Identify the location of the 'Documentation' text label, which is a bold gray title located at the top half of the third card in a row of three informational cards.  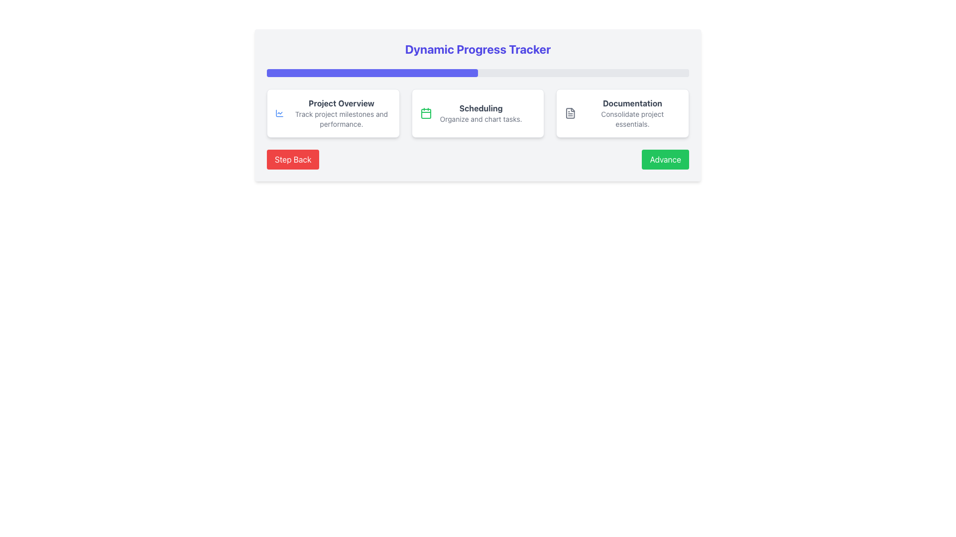
(632, 103).